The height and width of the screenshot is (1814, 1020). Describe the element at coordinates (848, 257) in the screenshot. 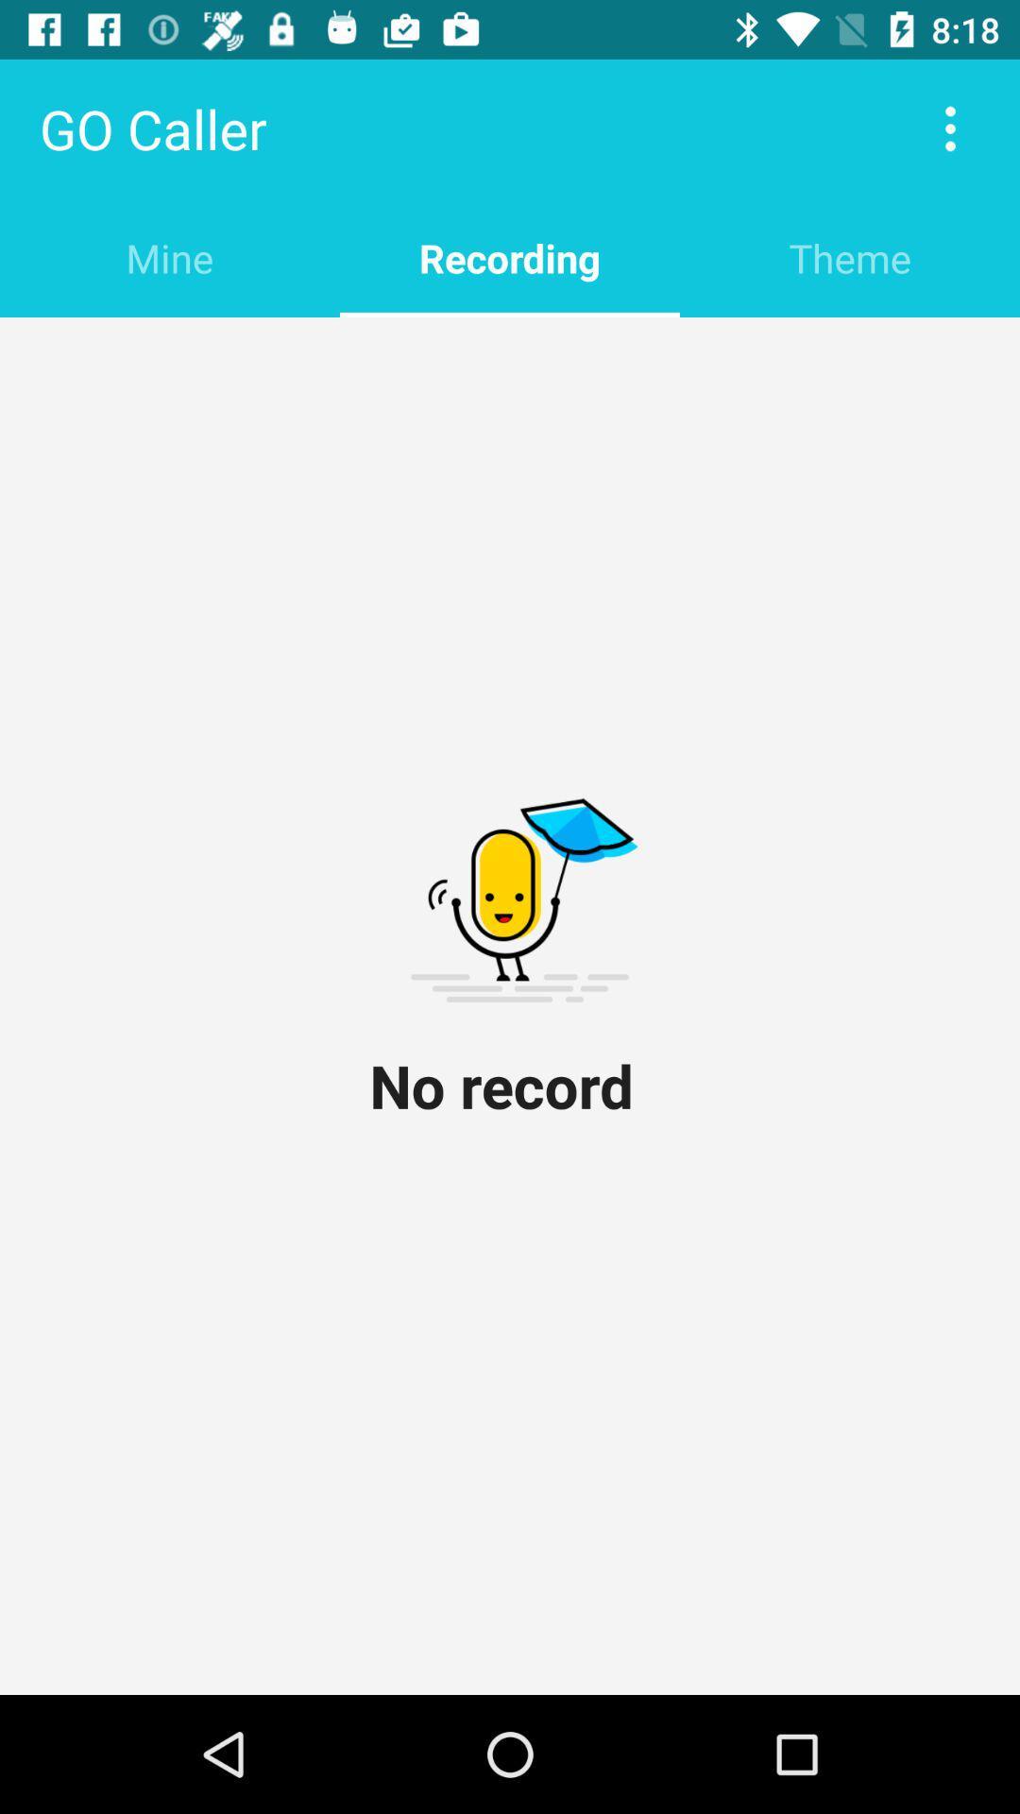

I see `the icon next to the recording item` at that location.